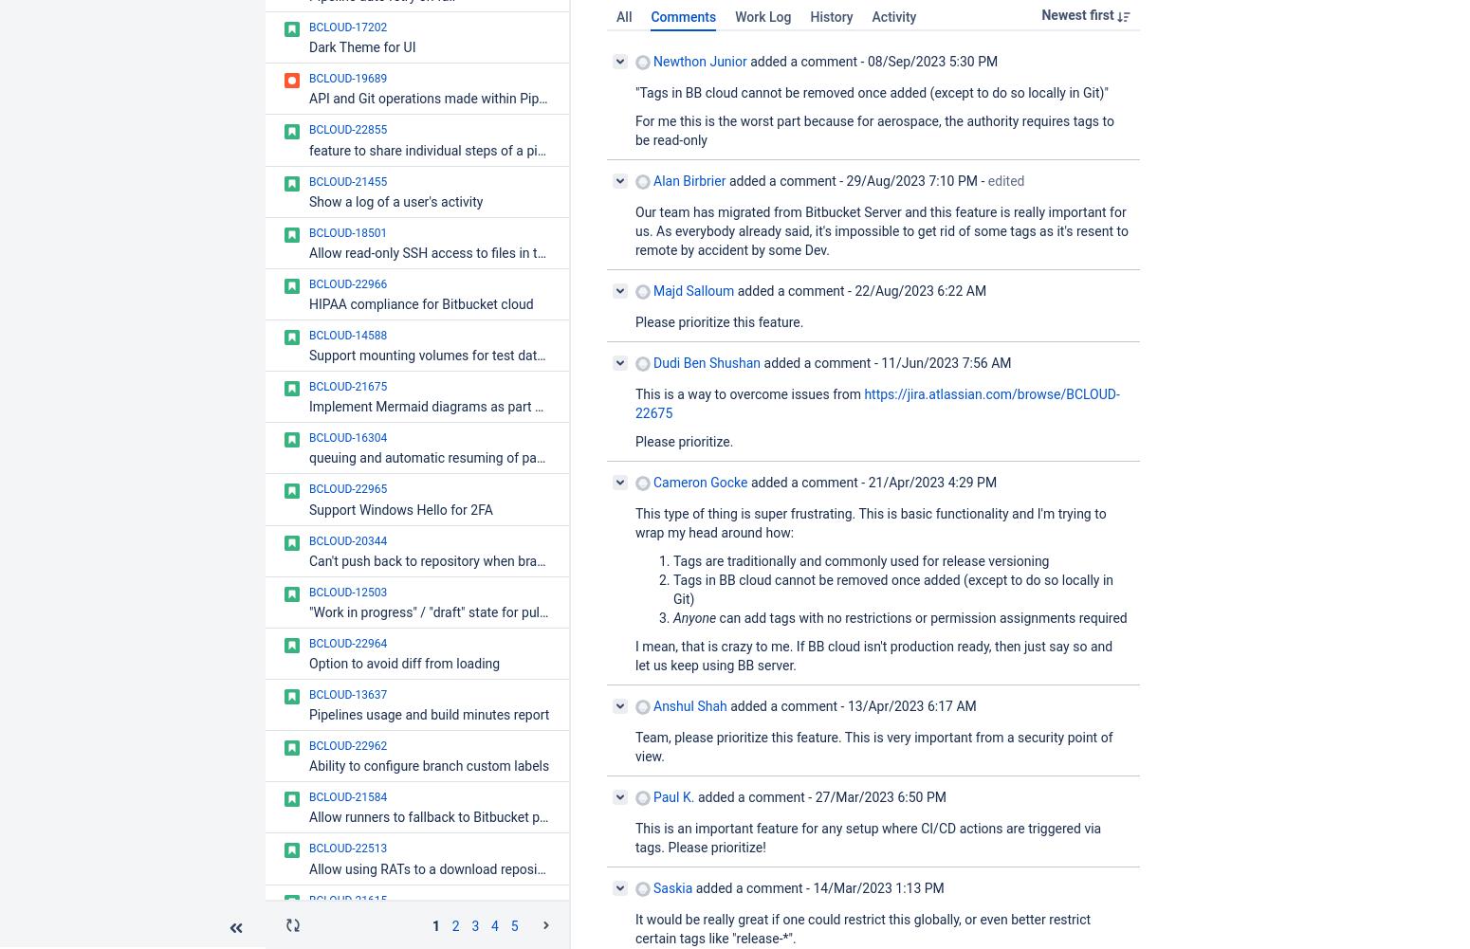 This screenshot has width=1470, height=949. Describe the element at coordinates (978, 180) in the screenshot. I see `'-'` at that location.